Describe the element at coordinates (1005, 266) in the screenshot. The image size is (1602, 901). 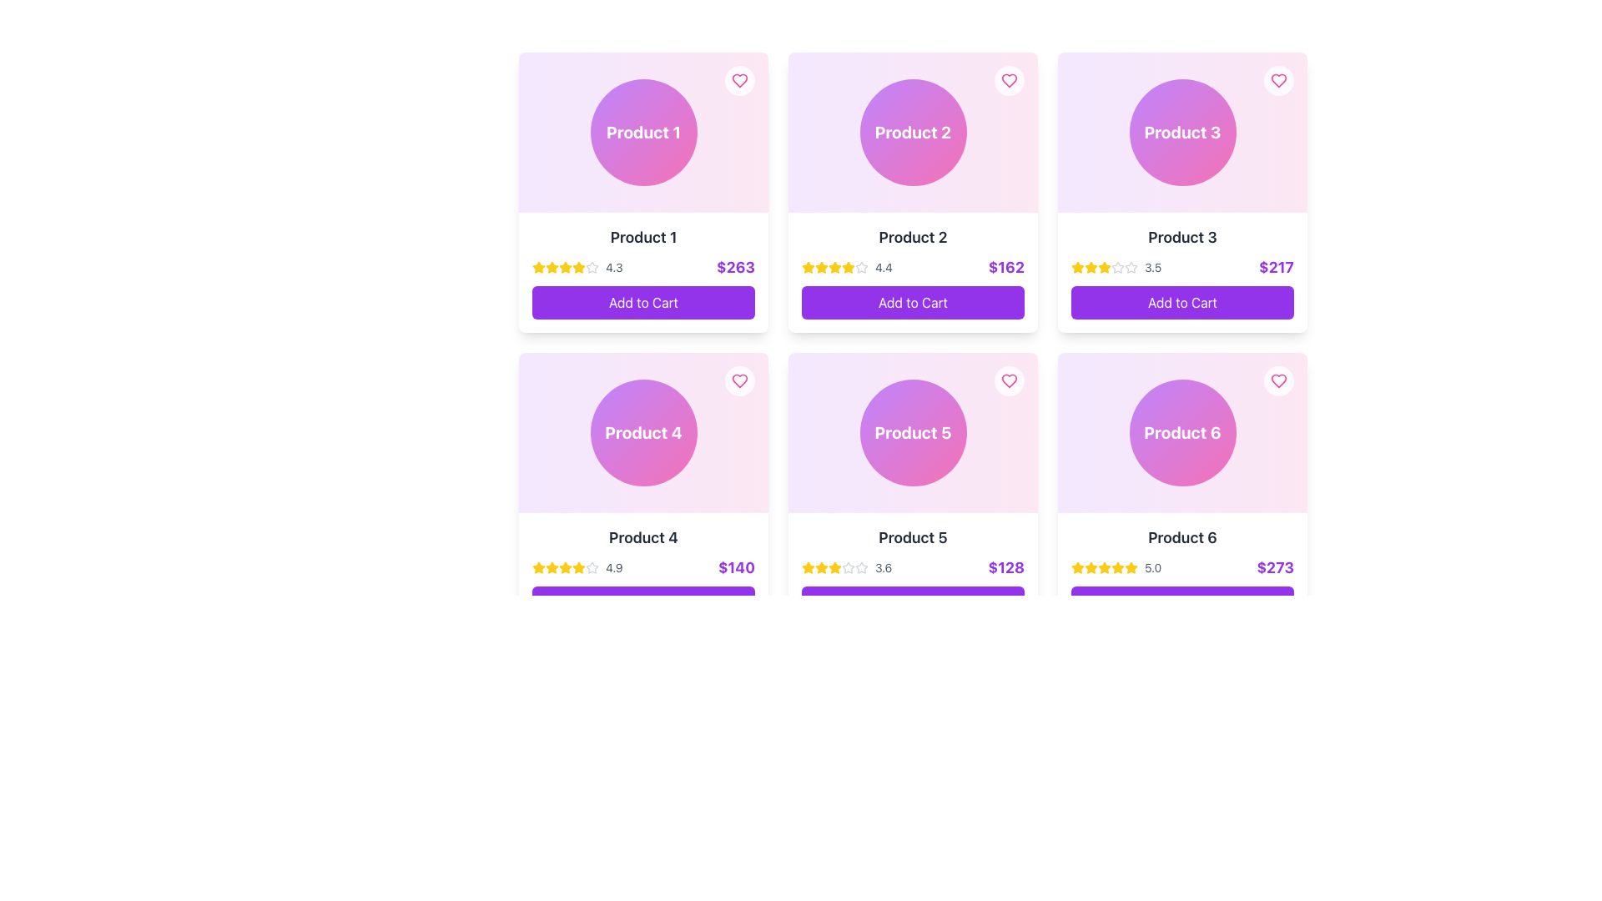
I see `the price information text label located at the bottom-right of the 'Product 2' card in the grid, near the 'Add to Cart' button and aligned with the rating stars` at that location.